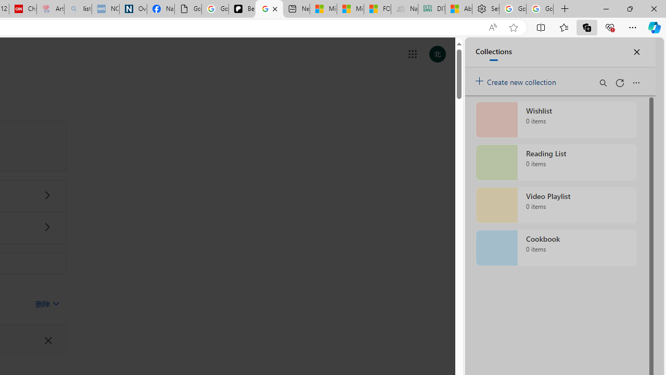  Describe the element at coordinates (377, 9) in the screenshot. I see `'FOX News - MSN'` at that location.